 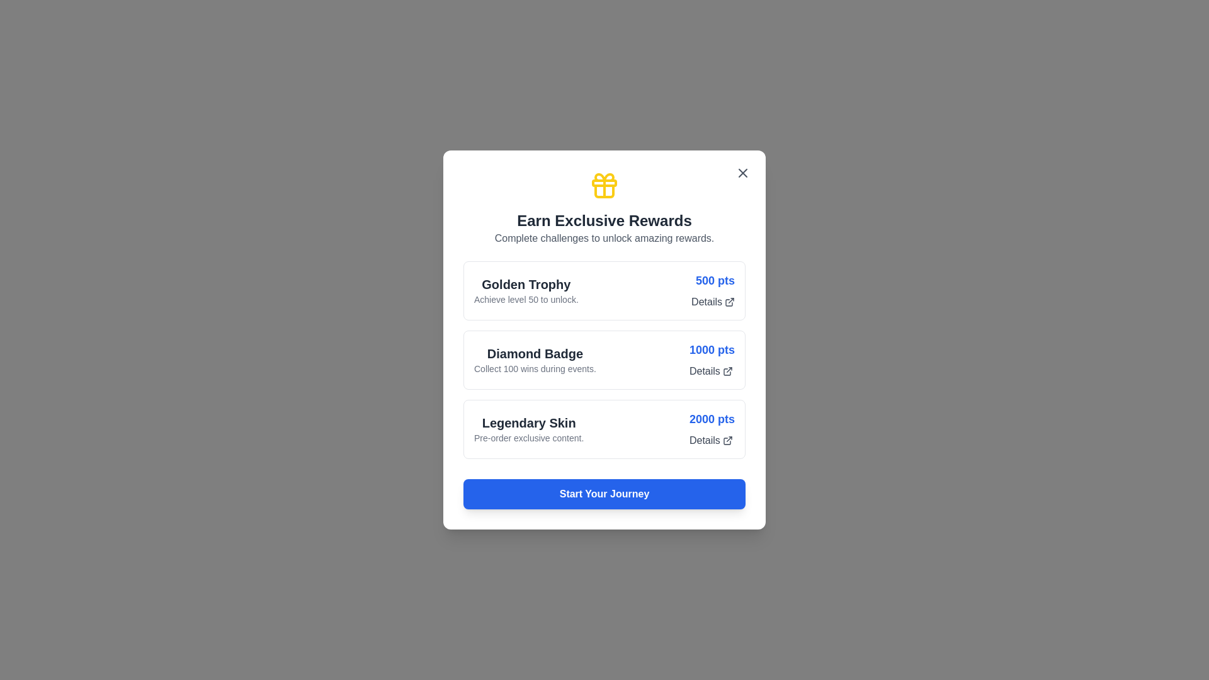 I want to click on the Text Label that serves as a title or header for the section about earning exclusive rewards, located in the upper center of a modal dialog box, immediately below a gift icon, so click(x=604, y=220).